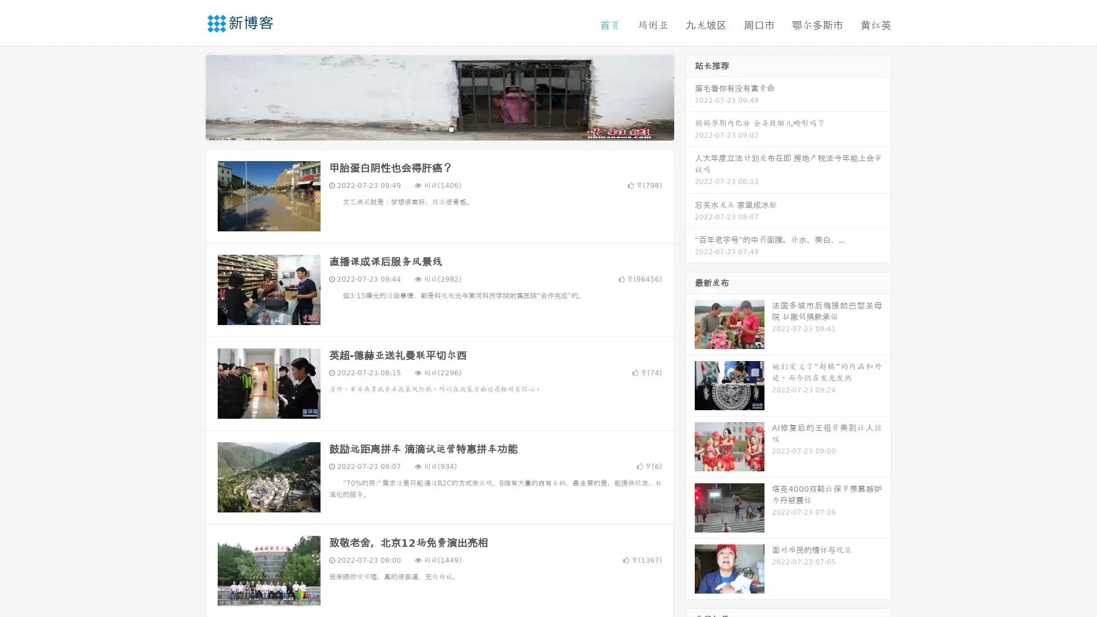 This screenshot has height=617, width=1097. What do you see at coordinates (451, 129) in the screenshot?
I see `Go to slide 3` at bounding box center [451, 129].